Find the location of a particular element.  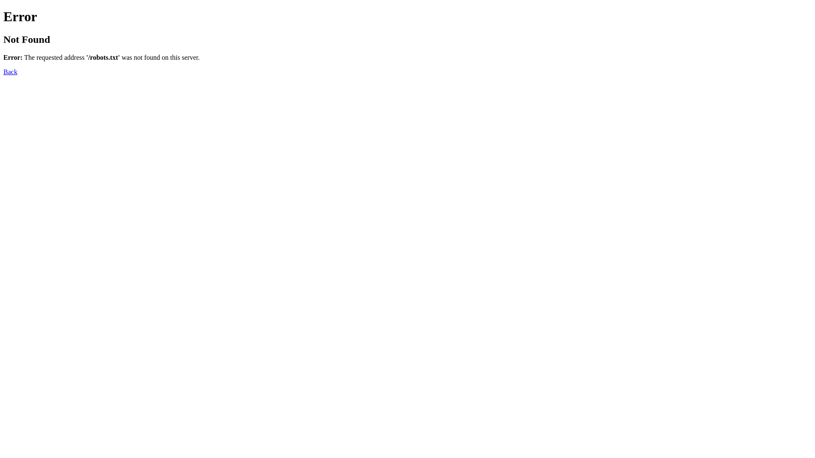

'Back' is located at coordinates (10, 71).